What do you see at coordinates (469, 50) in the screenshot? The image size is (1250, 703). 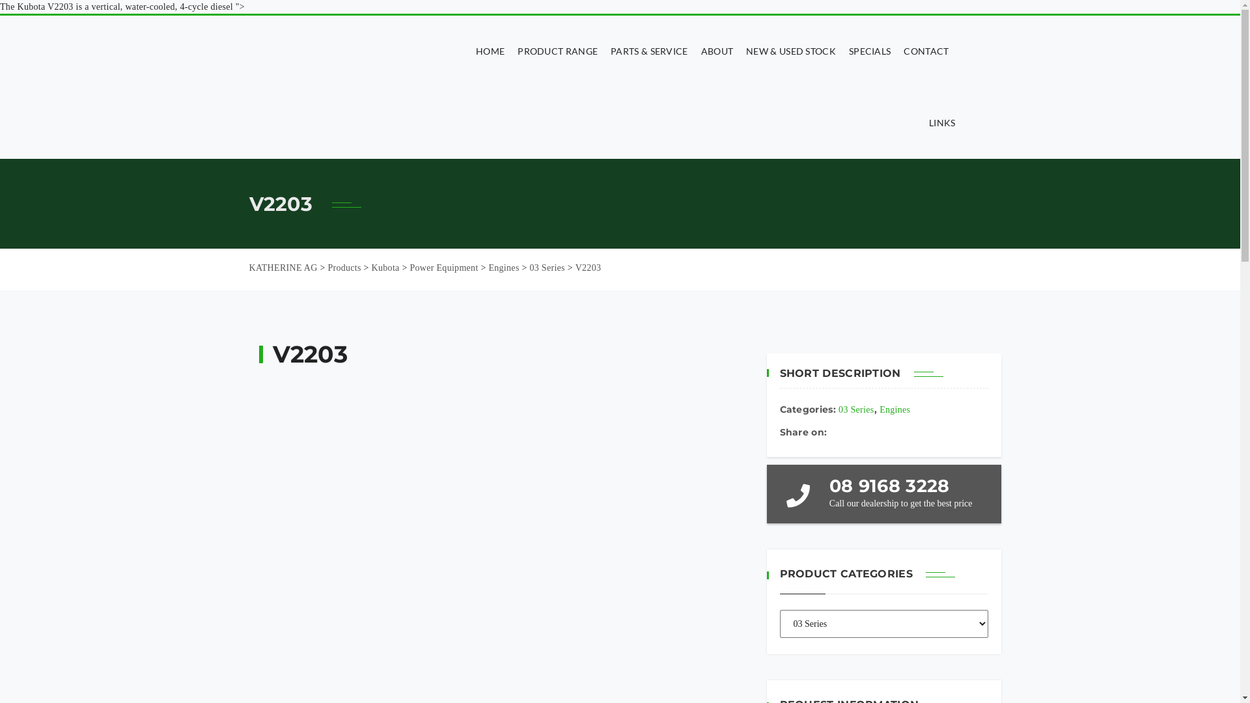 I see `'HOME'` at bounding box center [469, 50].